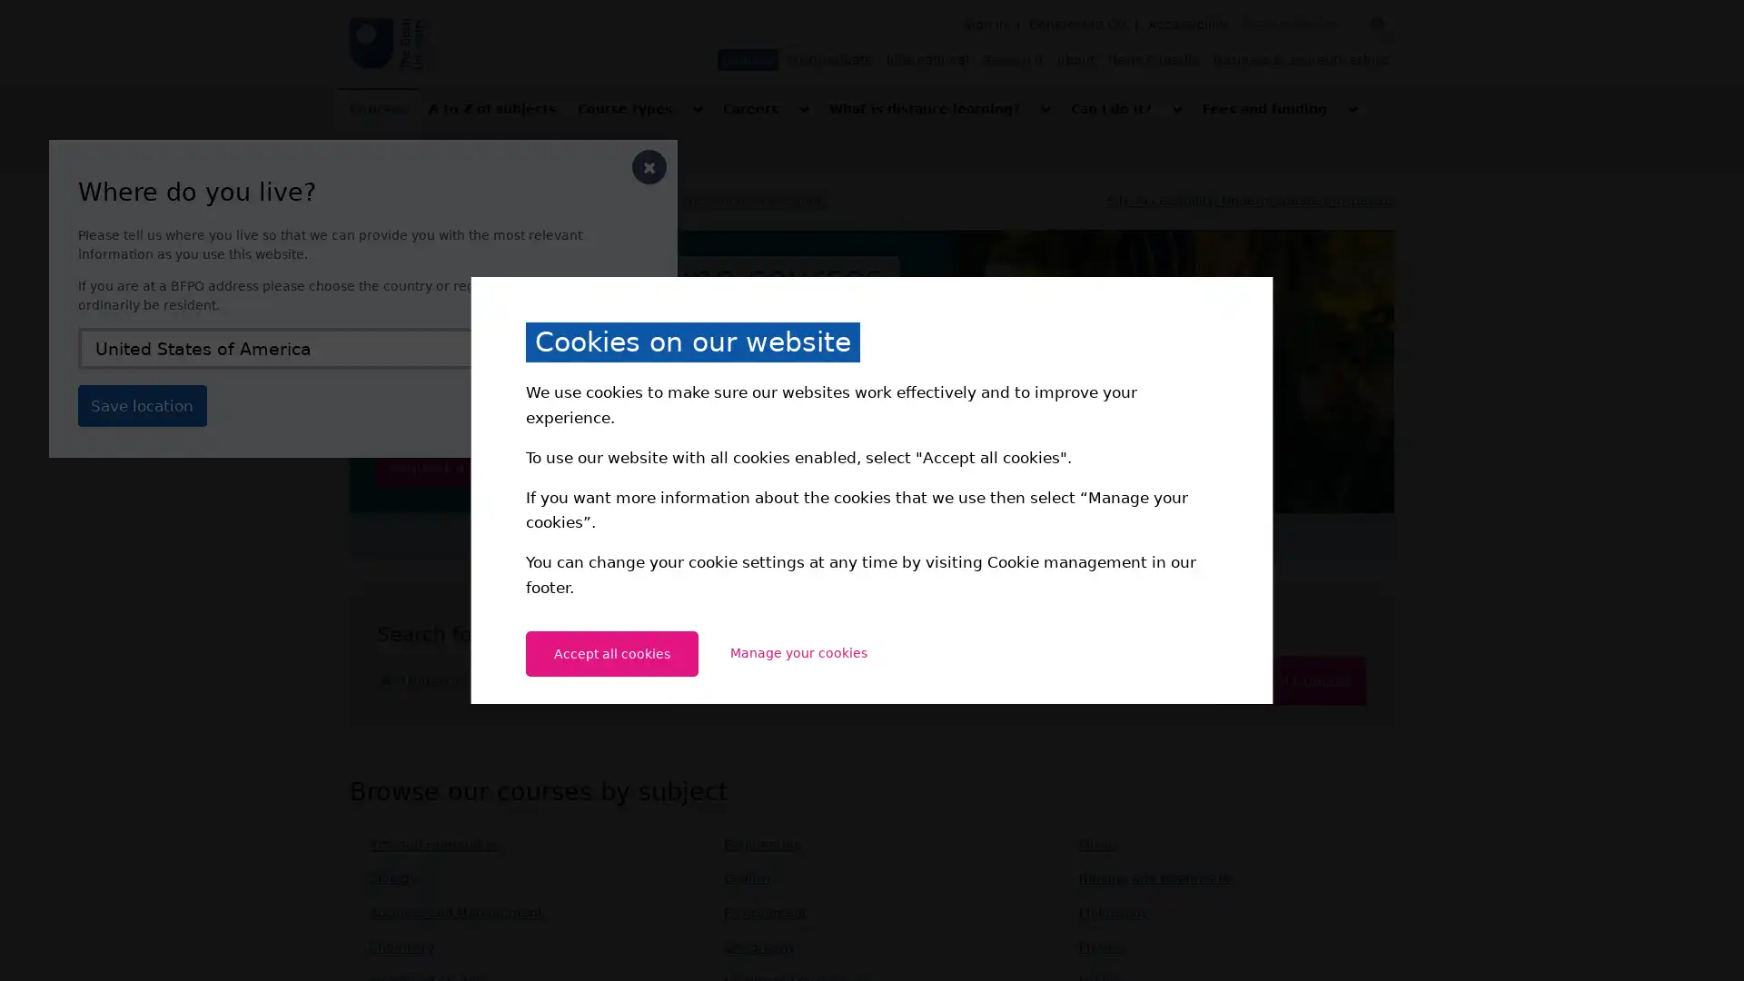  I want to click on Manage your cookies, so click(798, 651).